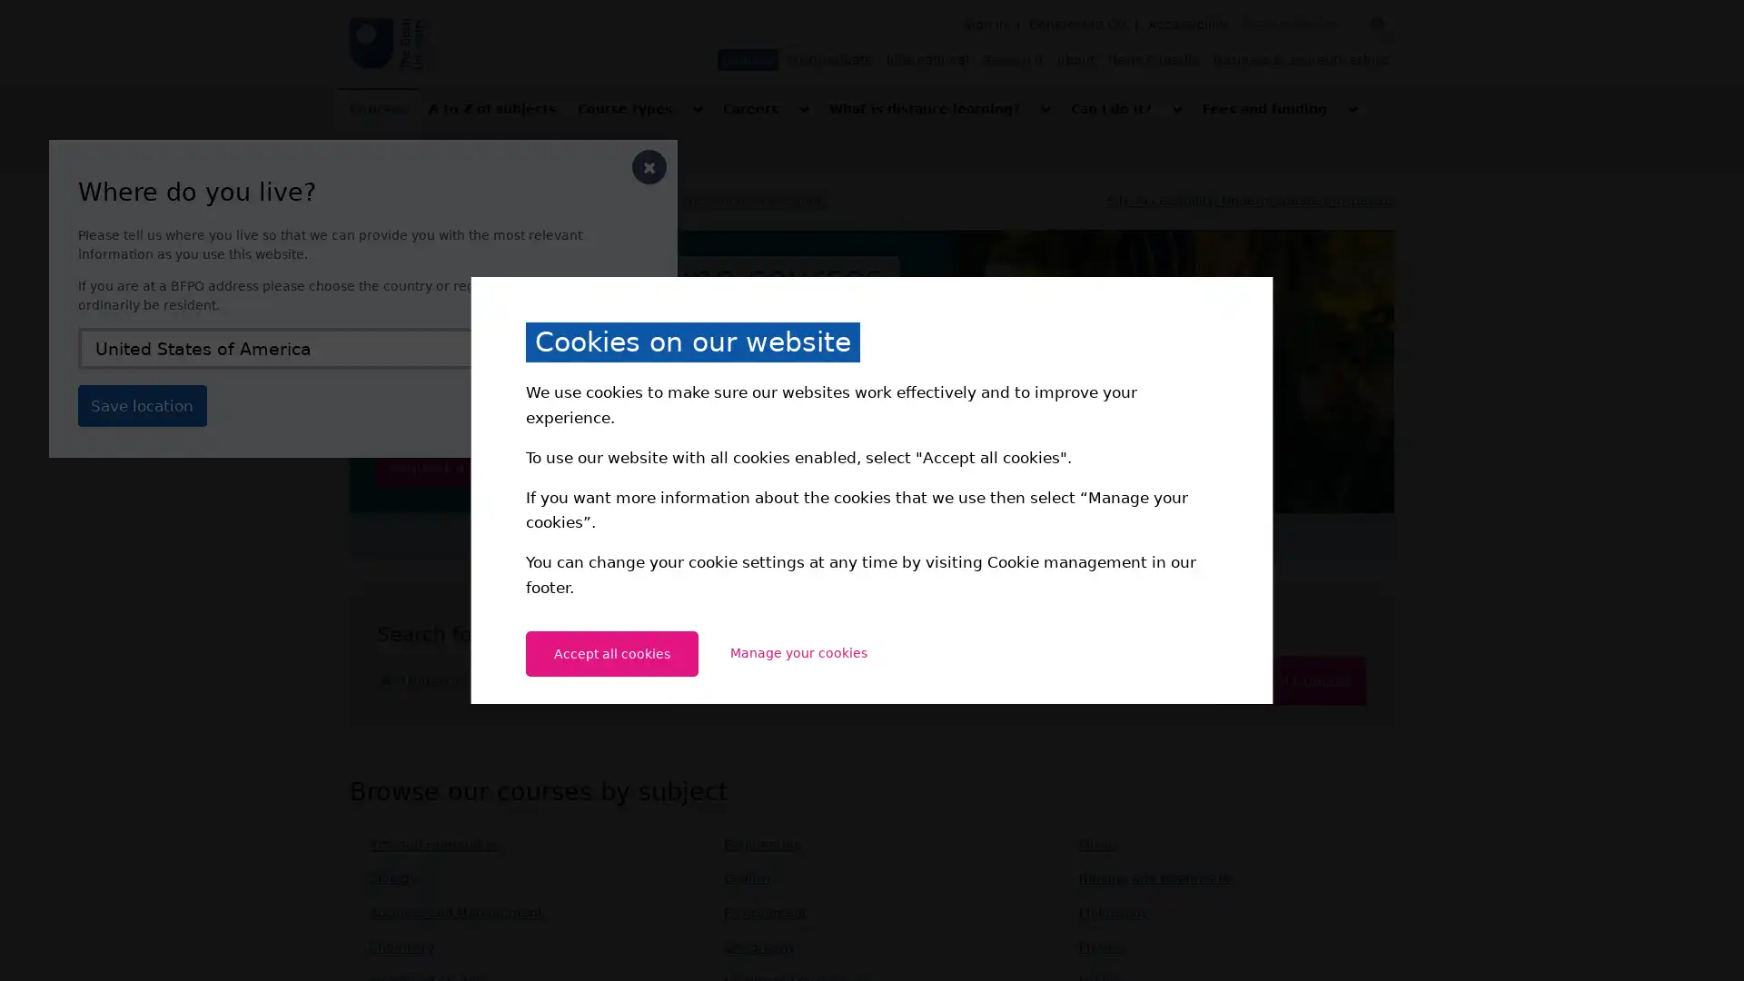  I want to click on Manage your cookies, so click(798, 651).